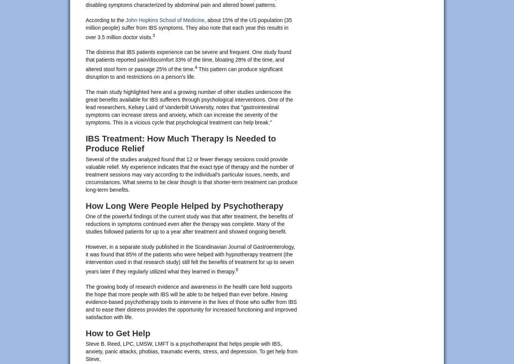 The width and height of the screenshot is (514, 364). Describe the element at coordinates (180, 143) in the screenshot. I see `'IBS Treatment: How Much Therapy Is Needed to Produce Relief'` at that location.